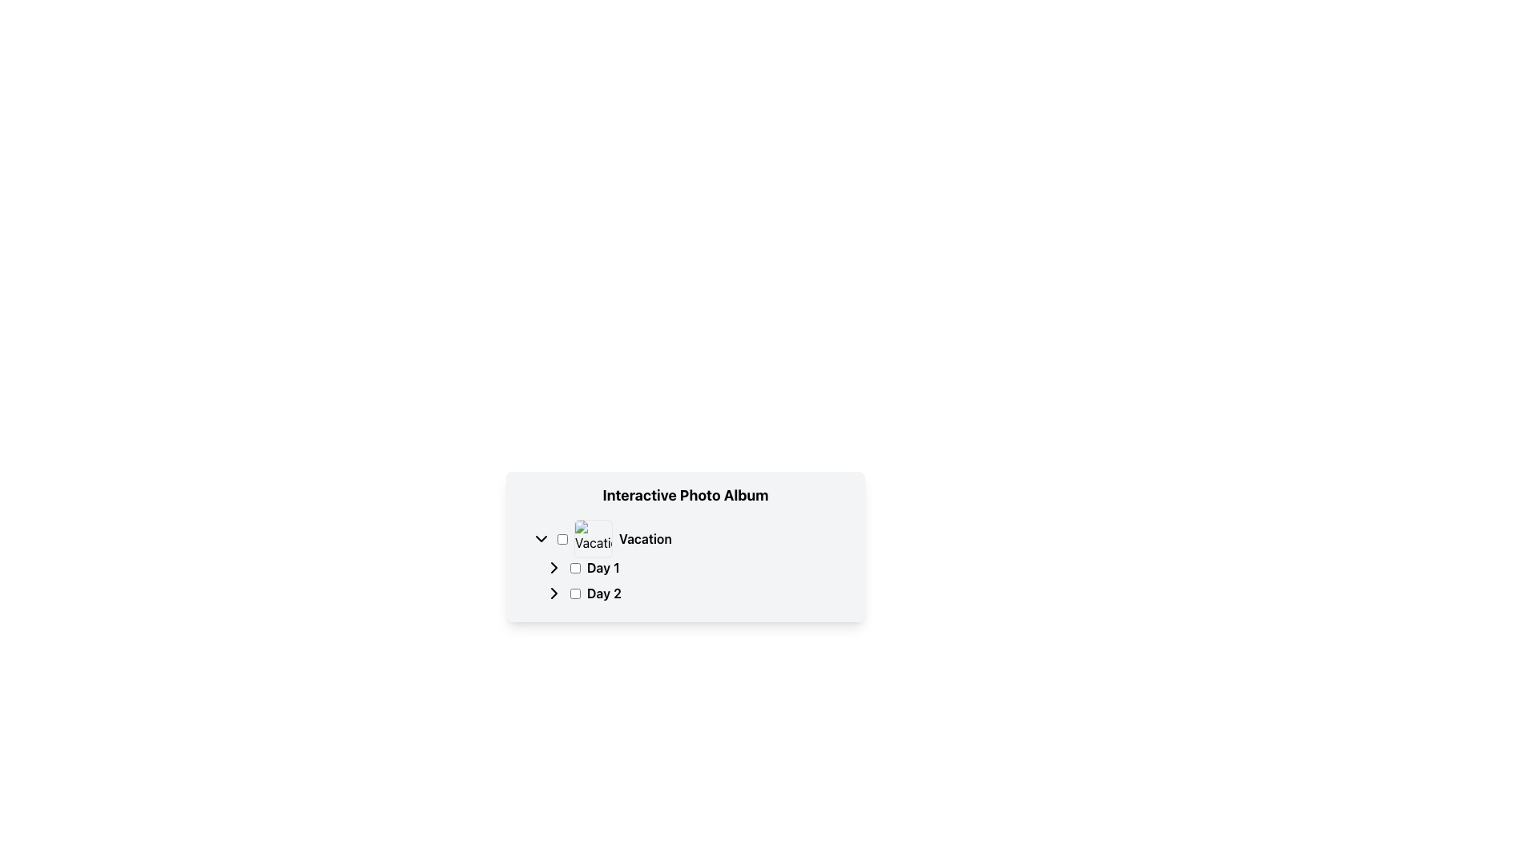 Image resolution: width=1538 pixels, height=865 pixels. What do you see at coordinates (554, 593) in the screenshot?
I see `the rightward-facing chevron icon button located in the 'Day 2' item area` at bounding box center [554, 593].